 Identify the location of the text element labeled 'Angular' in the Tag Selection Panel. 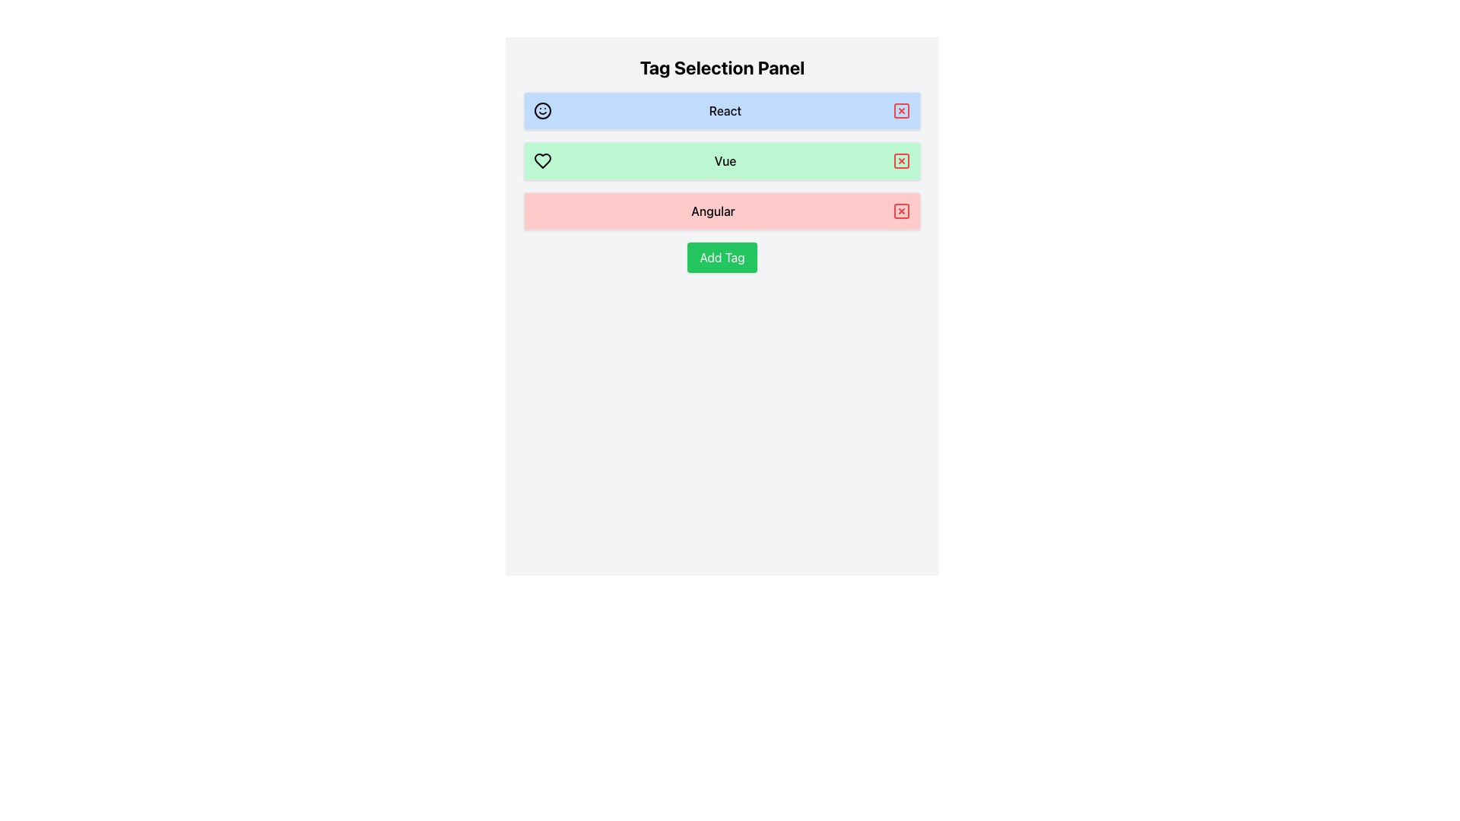
(712, 211).